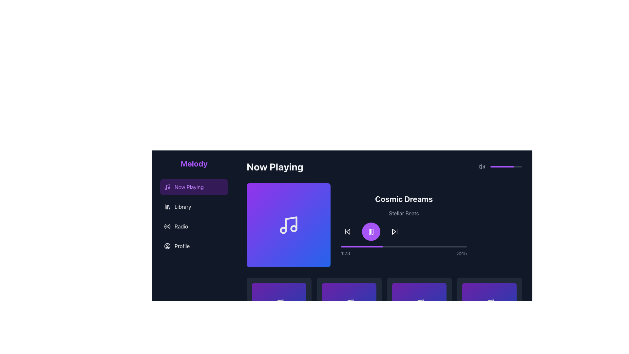 The width and height of the screenshot is (629, 354). Describe the element at coordinates (167, 246) in the screenshot. I see `the larger circular SVG graphic that represents a user profile avatar, located in the leftmost column under the 'Profile' option in the navigation menu` at that location.